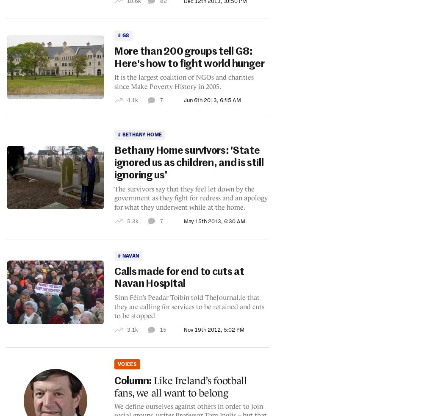 The width and height of the screenshot is (438, 416). What do you see at coordinates (123, 34) in the screenshot?
I see `'# G8'` at bounding box center [123, 34].